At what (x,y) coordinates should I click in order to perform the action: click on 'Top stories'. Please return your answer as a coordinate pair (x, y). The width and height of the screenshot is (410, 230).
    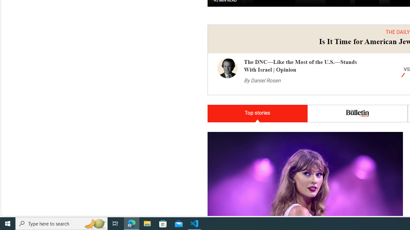
    Looking at the image, I should click on (257, 113).